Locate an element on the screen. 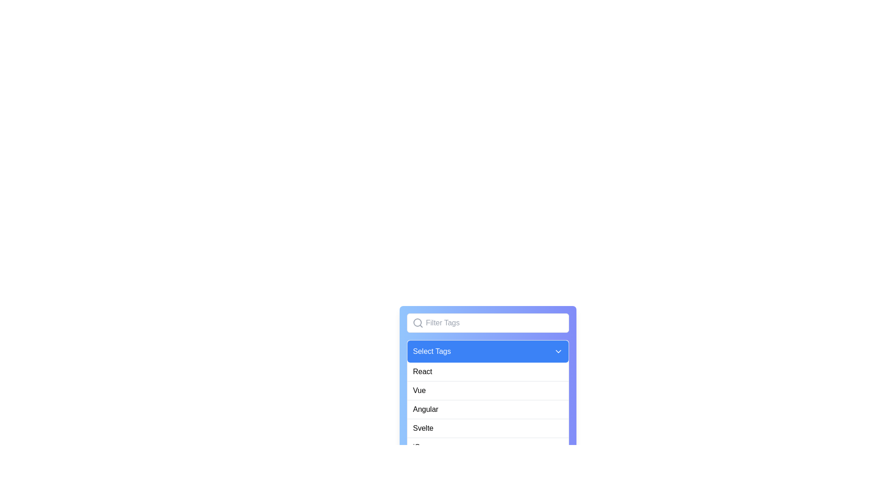 The width and height of the screenshot is (884, 497). the first selectable option in the dropdown menu labeled 'React' by simulating keyboard interaction to bring attention to it is located at coordinates (422, 371).